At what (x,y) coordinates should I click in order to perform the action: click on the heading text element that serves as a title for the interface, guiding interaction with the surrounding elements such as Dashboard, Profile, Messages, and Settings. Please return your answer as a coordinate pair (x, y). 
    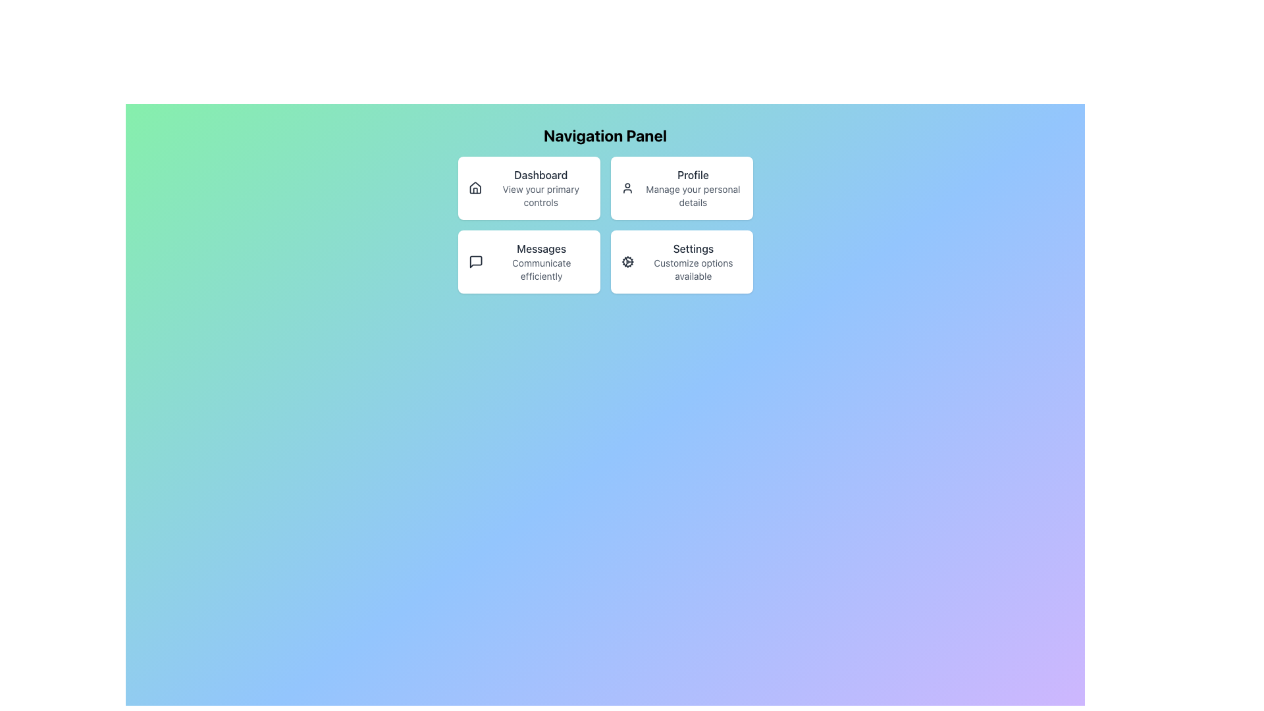
    Looking at the image, I should click on (604, 135).